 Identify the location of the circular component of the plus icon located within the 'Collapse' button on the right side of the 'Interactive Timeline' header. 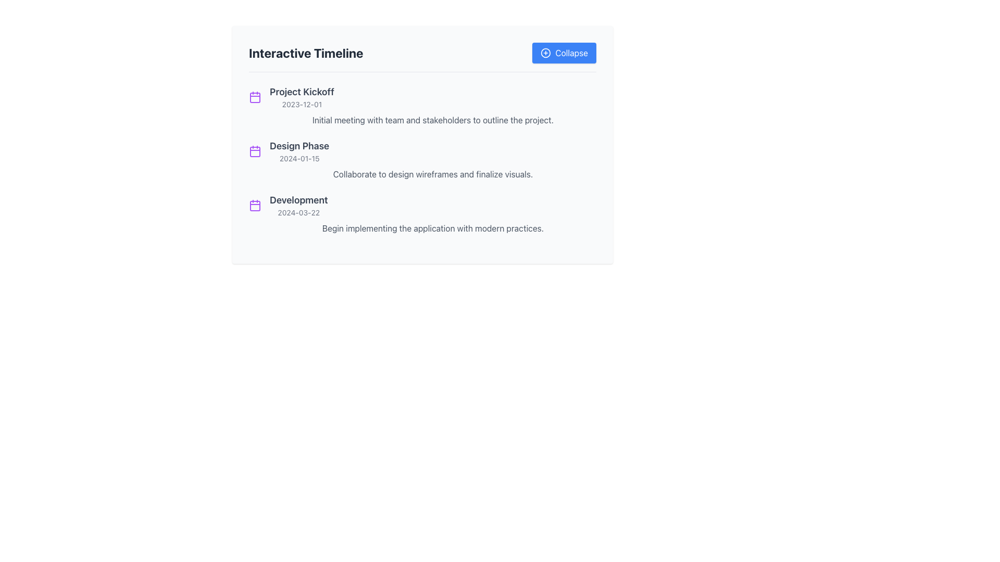
(545, 53).